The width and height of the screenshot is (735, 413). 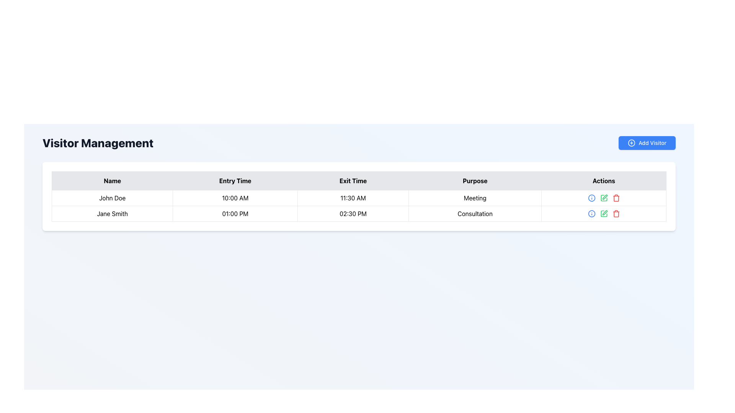 I want to click on displayed entry time text '01:00 PM' for the visitor named 'Jane Smith', located in the second cell under the 'Entry Time' column, so click(x=235, y=214).